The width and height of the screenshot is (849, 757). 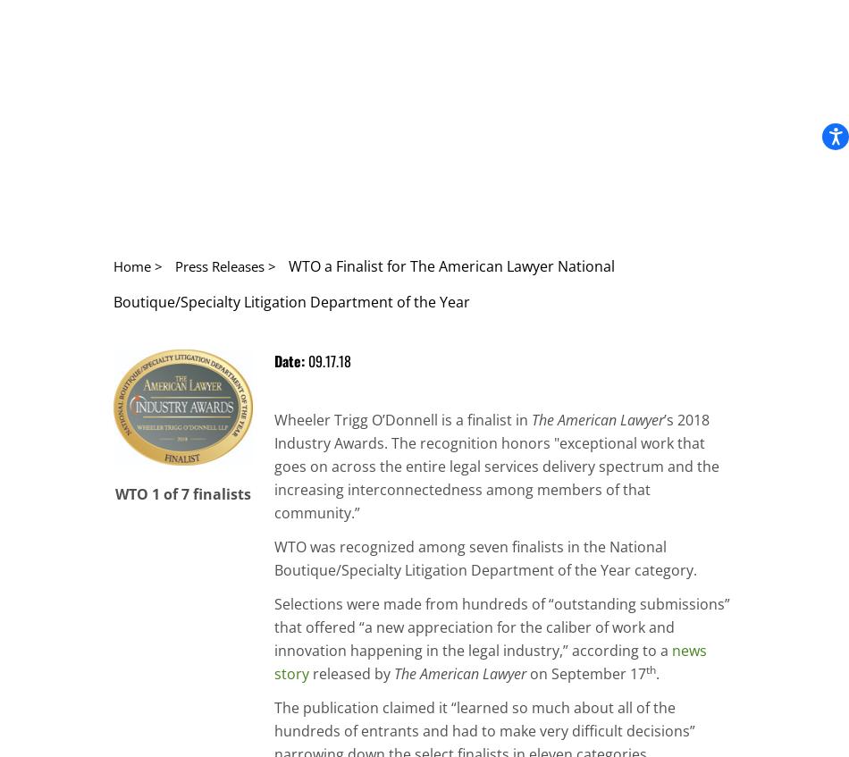 I want to click on 'th', so click(x=650, y=669).